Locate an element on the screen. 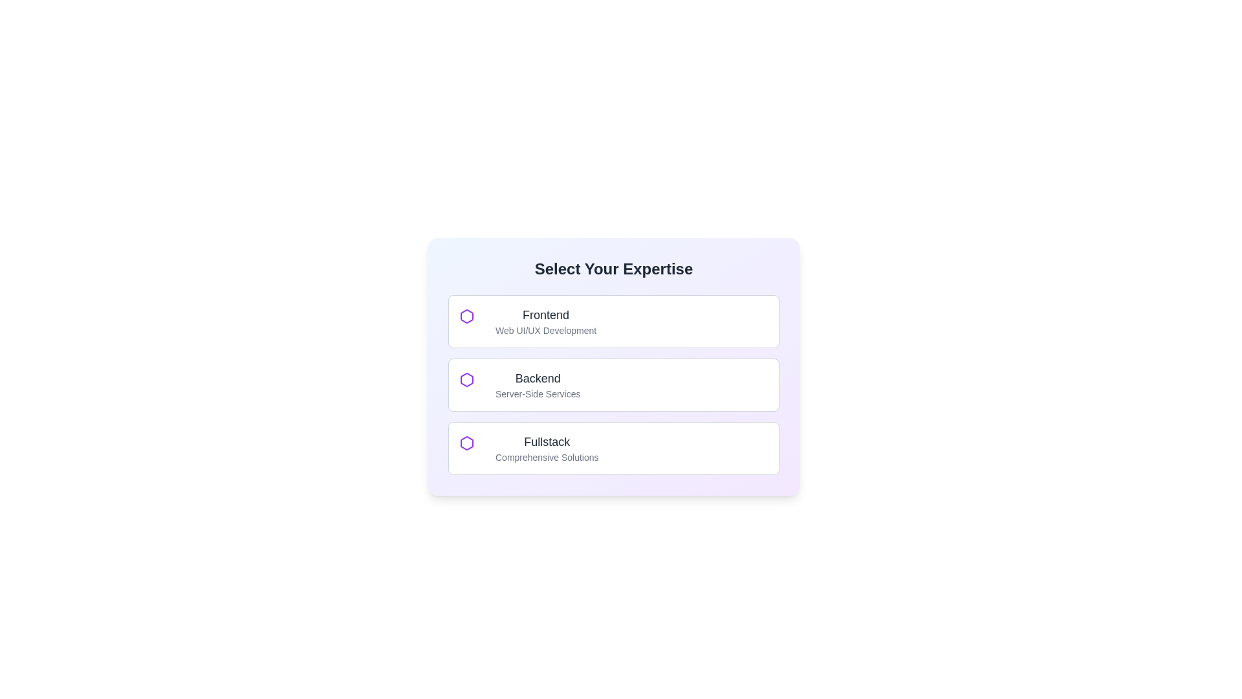 The image size is (1242, 699). the static text label for the option related to full-stack expertise, which is located in the third choice box of the 'Select Your Expertise' options list is located at coordinates (547, 441).